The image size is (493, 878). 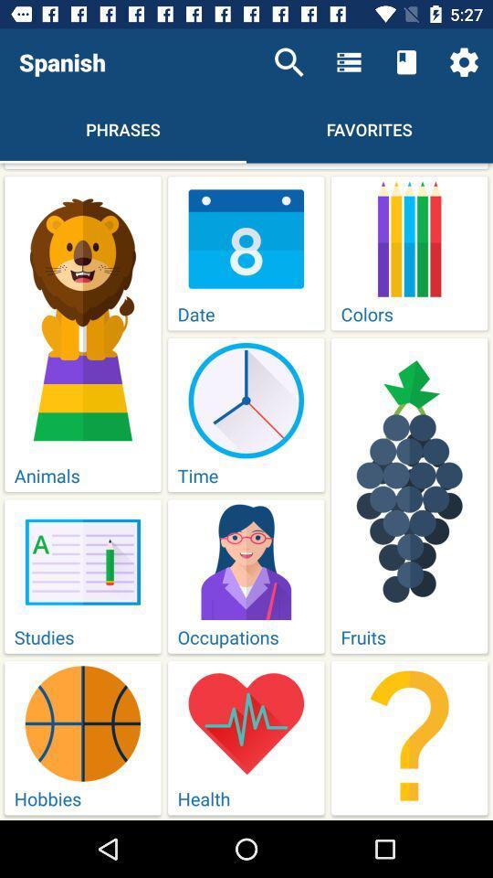 I want to click on icon above the favorites item, so click(x=349, y=62).